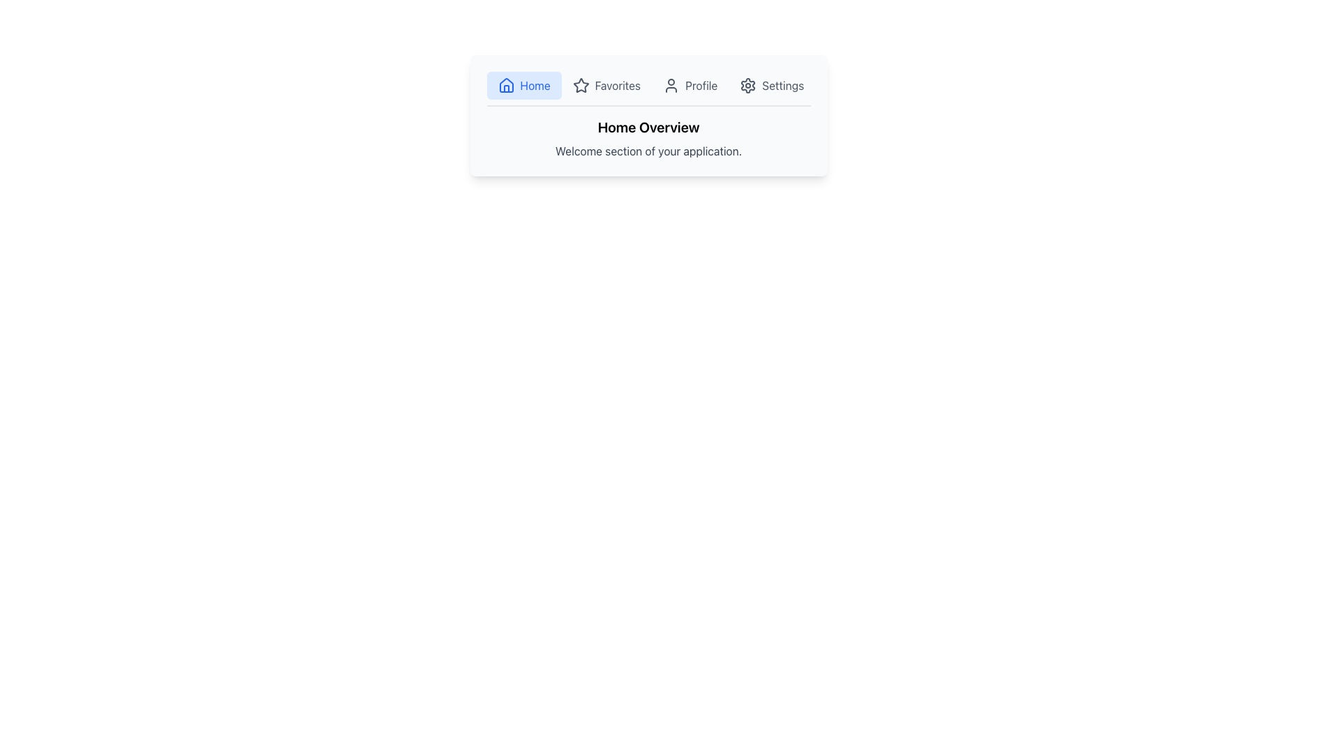 This screenshot has width=1340, height=753. Describe the element at coordinates (671, 86) in the screenshot. I see `the Profile icon, which is a simplified user figure outlined in gray, located in the navigation bar between Favorites and Settings` at that location.